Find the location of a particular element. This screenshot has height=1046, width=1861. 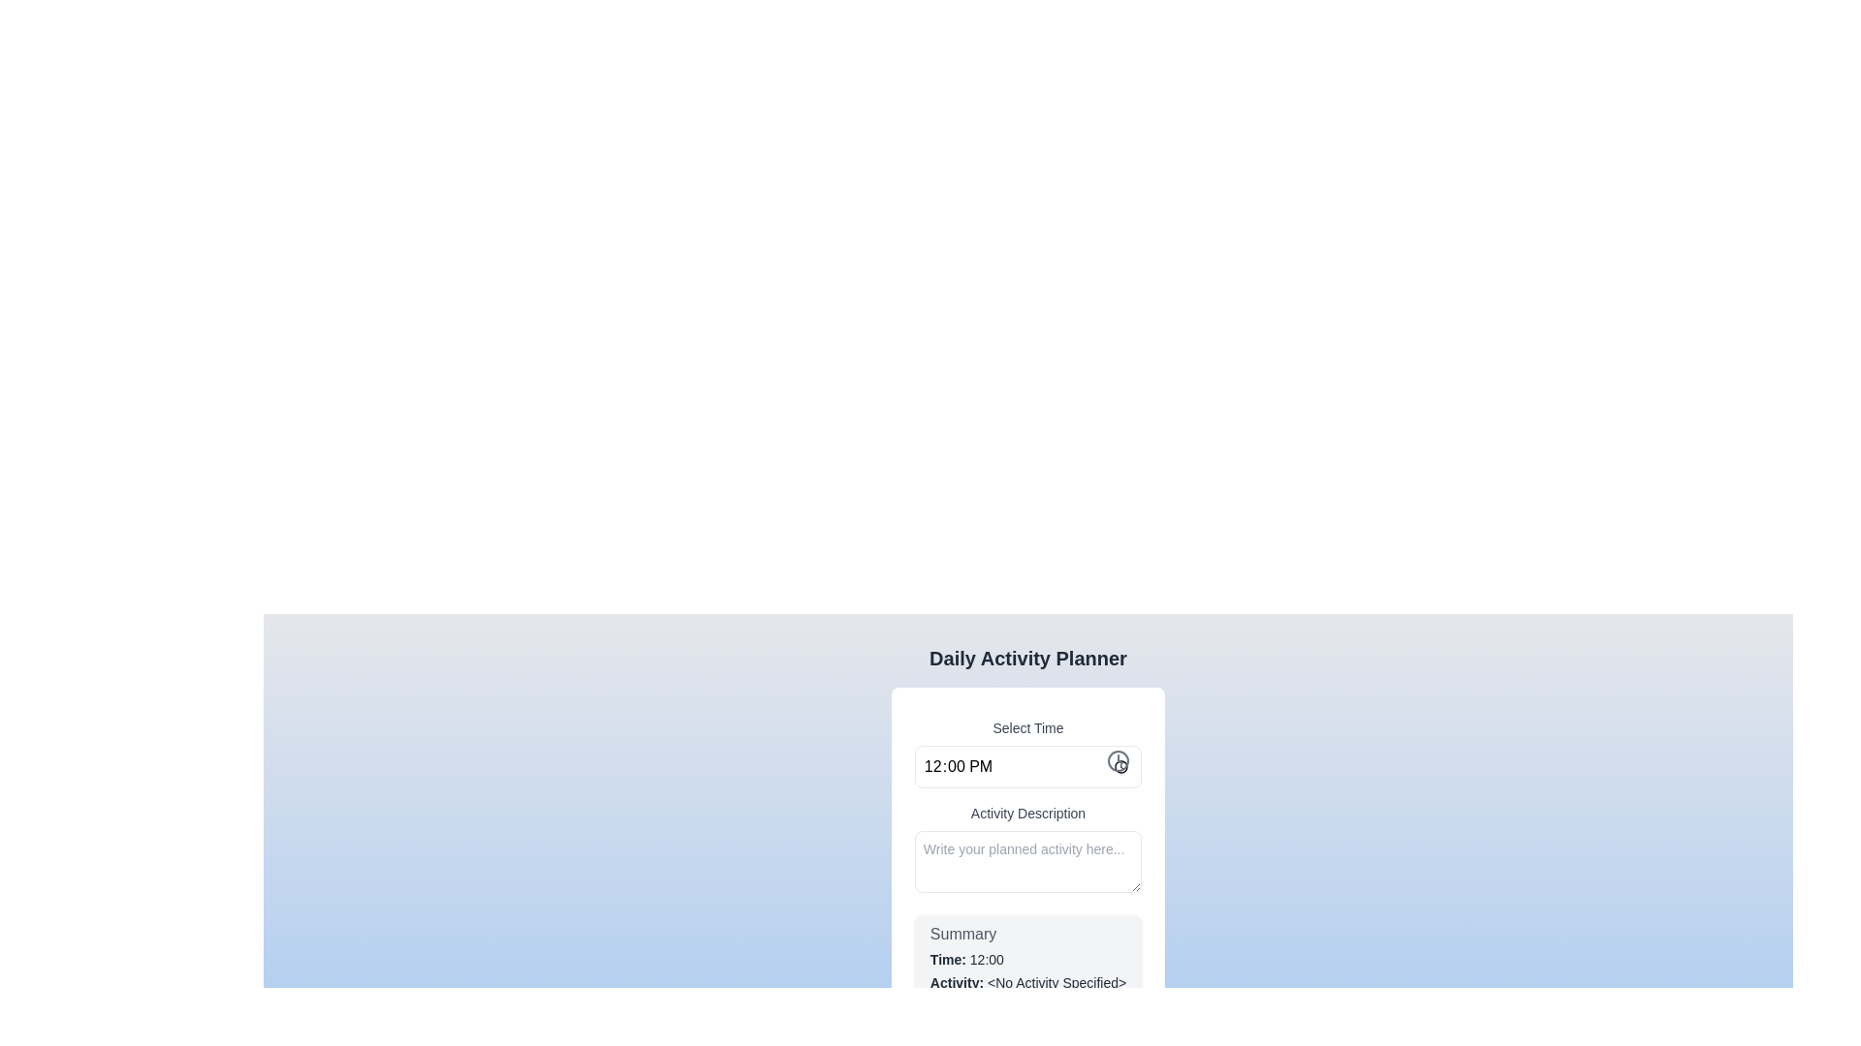

the label displaying 'Activity:' which is located in the summary section before the text '<No Activity Specified>' is located at coordinates (959, 982).